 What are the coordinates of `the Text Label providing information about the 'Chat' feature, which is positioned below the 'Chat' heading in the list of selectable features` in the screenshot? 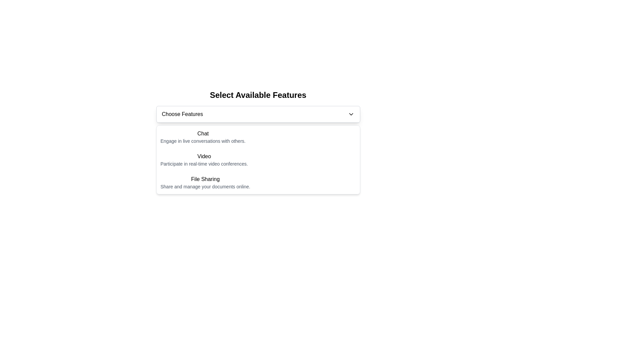 It's located at (203, 140).